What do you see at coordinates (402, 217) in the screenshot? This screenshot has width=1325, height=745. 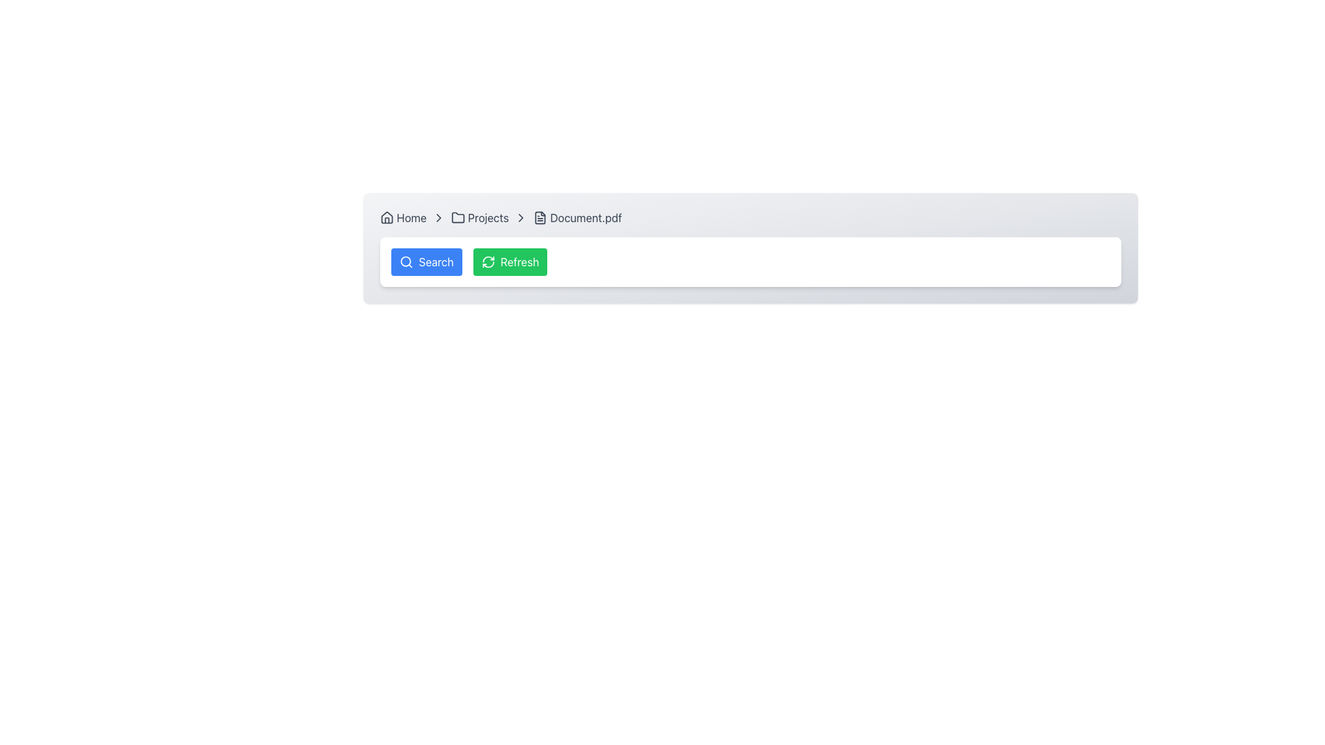 I see `the first breadcrumb link with an icon and label to potentially reveal additional styling effects` at bounding box center [402, 217].